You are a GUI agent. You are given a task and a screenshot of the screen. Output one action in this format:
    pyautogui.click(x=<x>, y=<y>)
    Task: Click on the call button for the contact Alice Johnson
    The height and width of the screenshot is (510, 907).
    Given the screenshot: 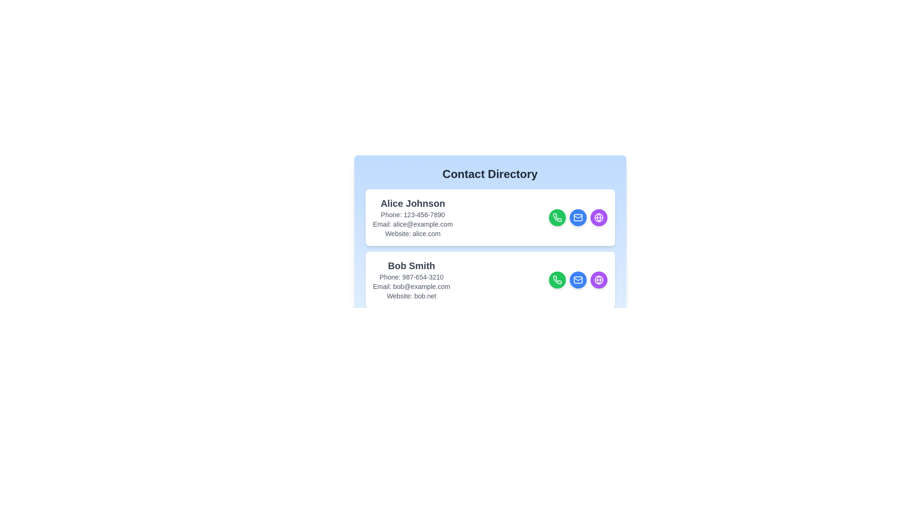 What is the action you would take?
    pyautogui.click(x=557, y=218)
    